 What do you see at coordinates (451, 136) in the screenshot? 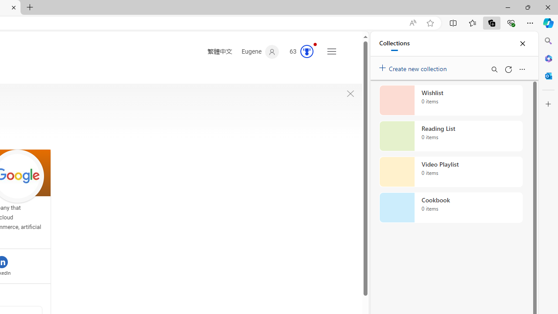
I see `'Reading List collection, 0 items'` at bounding box center [451, 136].